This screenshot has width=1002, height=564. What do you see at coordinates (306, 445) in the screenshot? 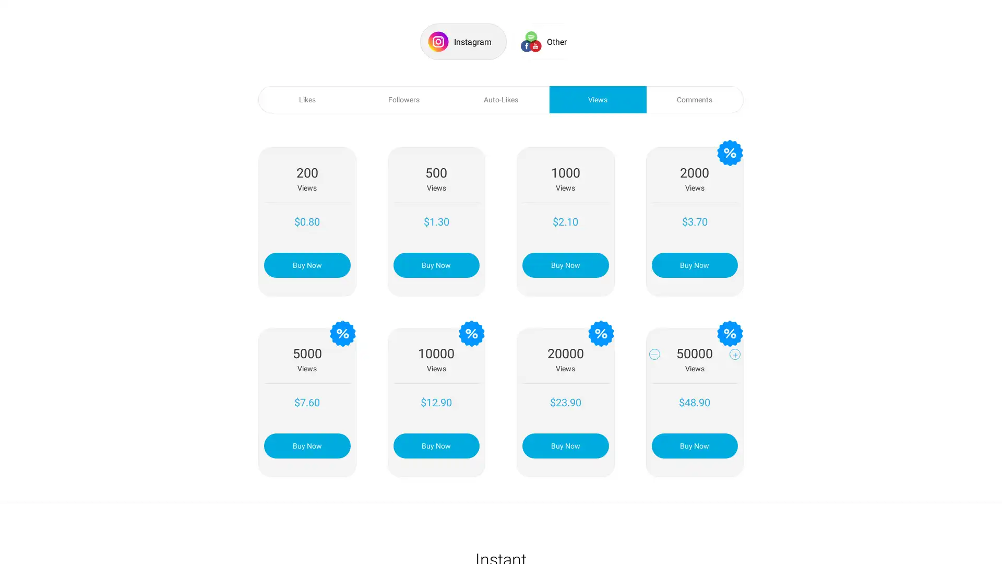
I see `Buy Now` at bounding box center [306, 445].